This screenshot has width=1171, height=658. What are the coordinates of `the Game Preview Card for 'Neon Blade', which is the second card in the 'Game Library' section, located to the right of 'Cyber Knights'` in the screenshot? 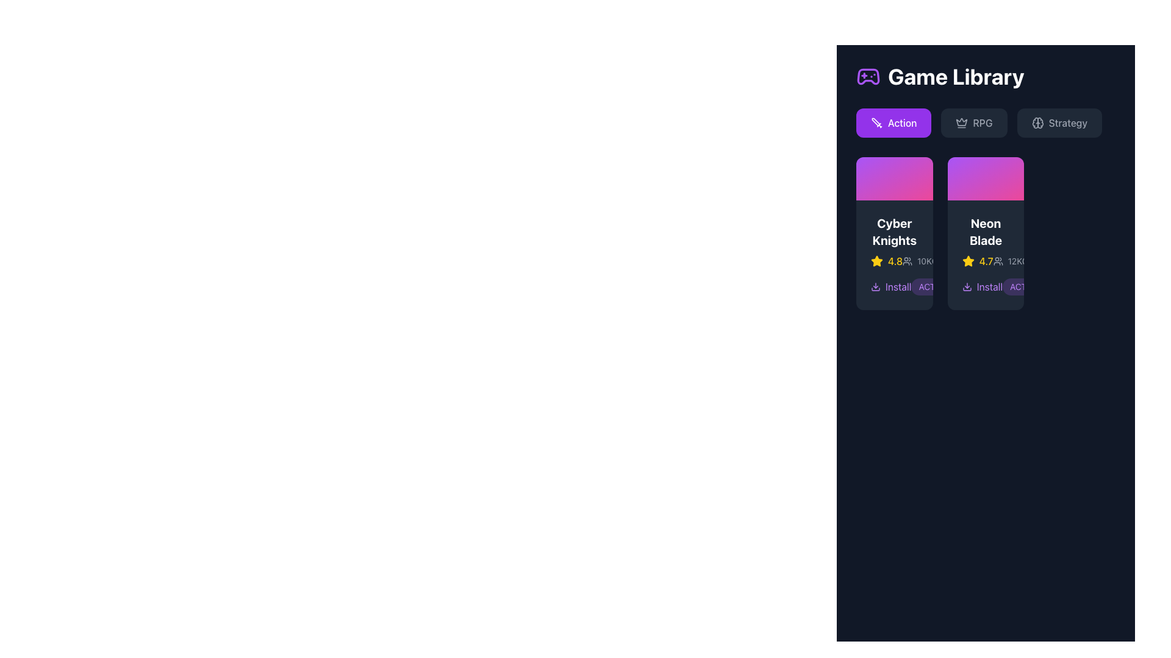 It's located at (986, 233).